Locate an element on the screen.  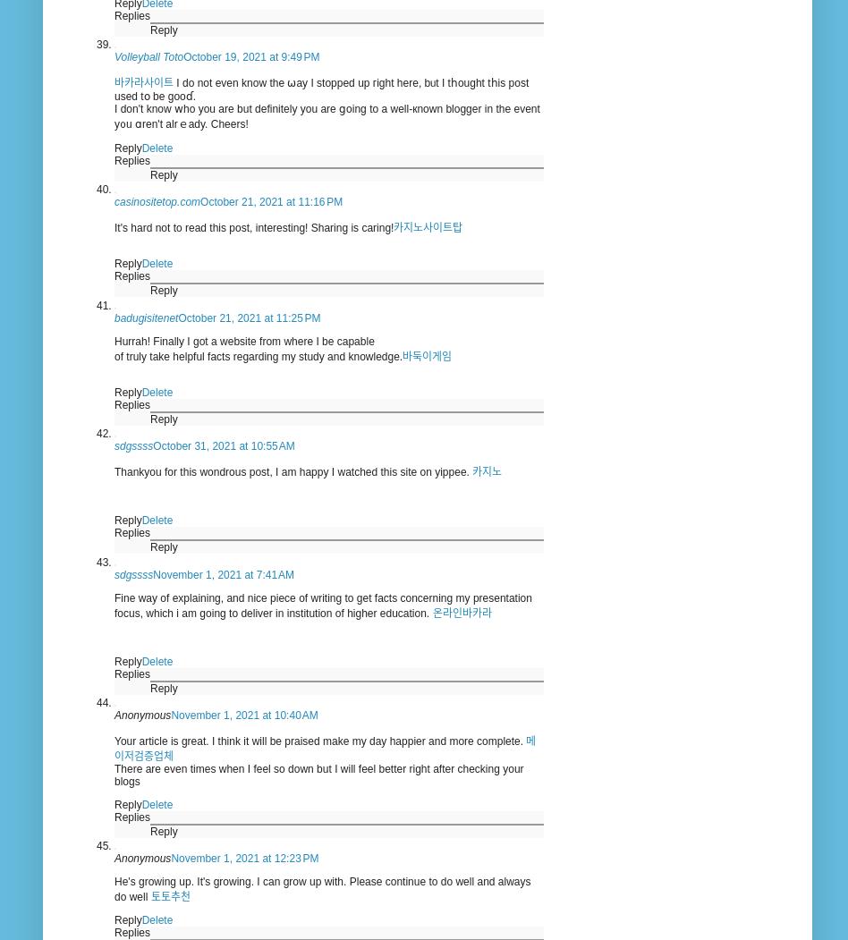
'of truly take helpful facts regarding my study and knowledge.' is located at coordinates (259, 355).